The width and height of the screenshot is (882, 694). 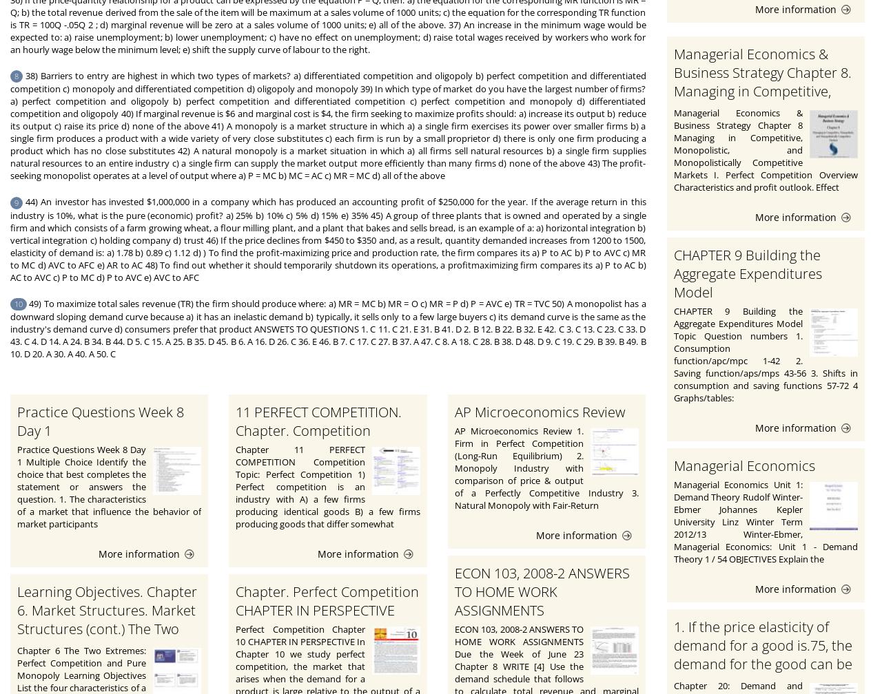 What do you see at coordinates (765, 149) in the screenshot?
I see `'Managerial Economics & Business Strategy Chapter 8 Managing in Competitive, Monopolistic, and Monopolistically Competitive Markets I. Perfect Competition Overview Characteristics and profit outlook. Effect'` at bounding box center [765, 149].